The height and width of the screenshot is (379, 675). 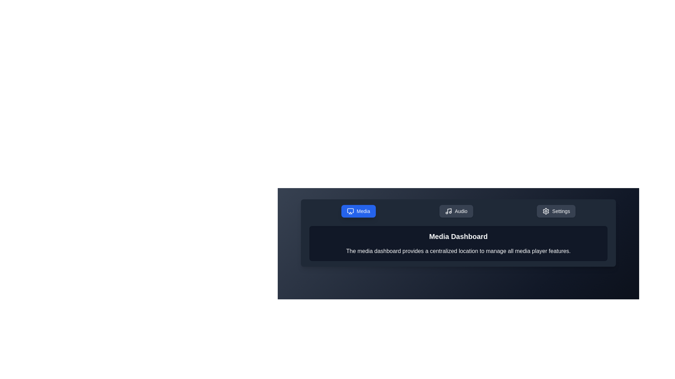 What do you see at coordinates (456, 211) in the screenshot?
I see `the audio-related button that is positioned to the right of the 'Media' button and to the left of the 'Settings' button` at bounding box center [456, 211].